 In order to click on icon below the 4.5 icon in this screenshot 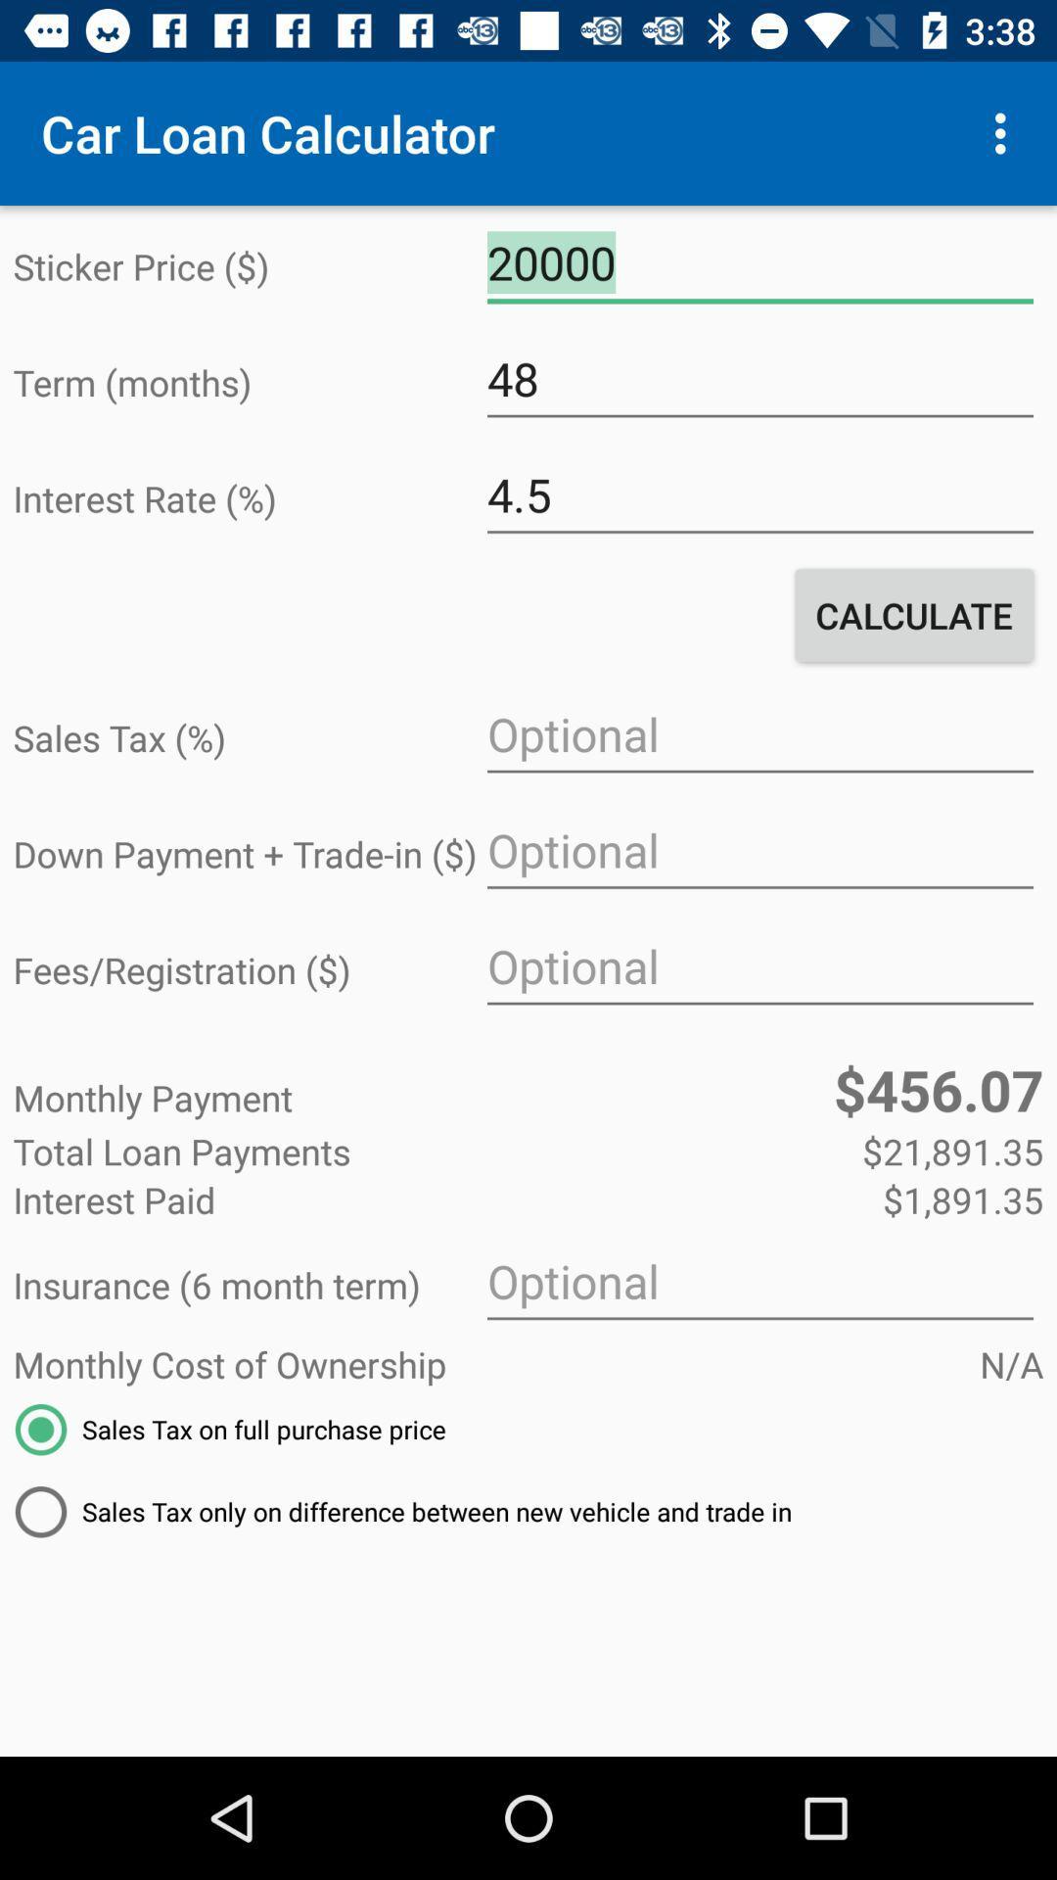, I will do `click(914, 614)`.